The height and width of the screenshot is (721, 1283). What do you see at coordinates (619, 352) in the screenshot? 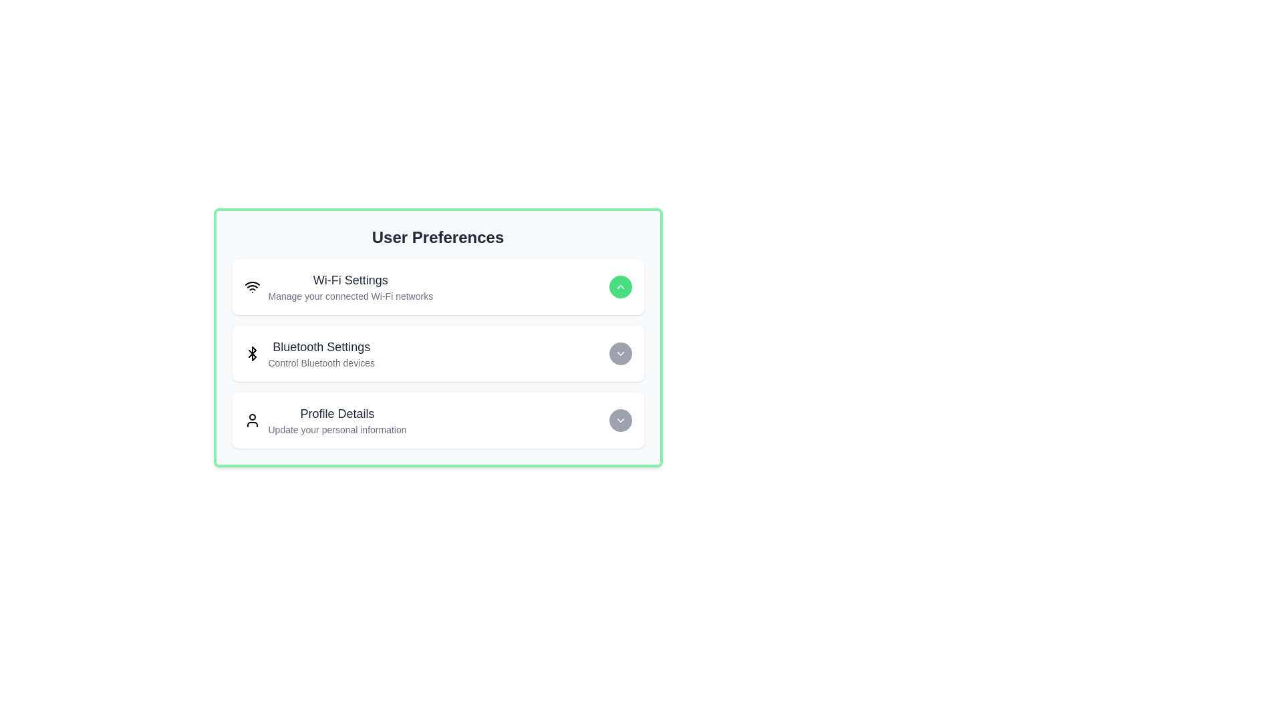
I see `the preference corresponding to Bluetooth Settings` at bounding box center [619, 352].